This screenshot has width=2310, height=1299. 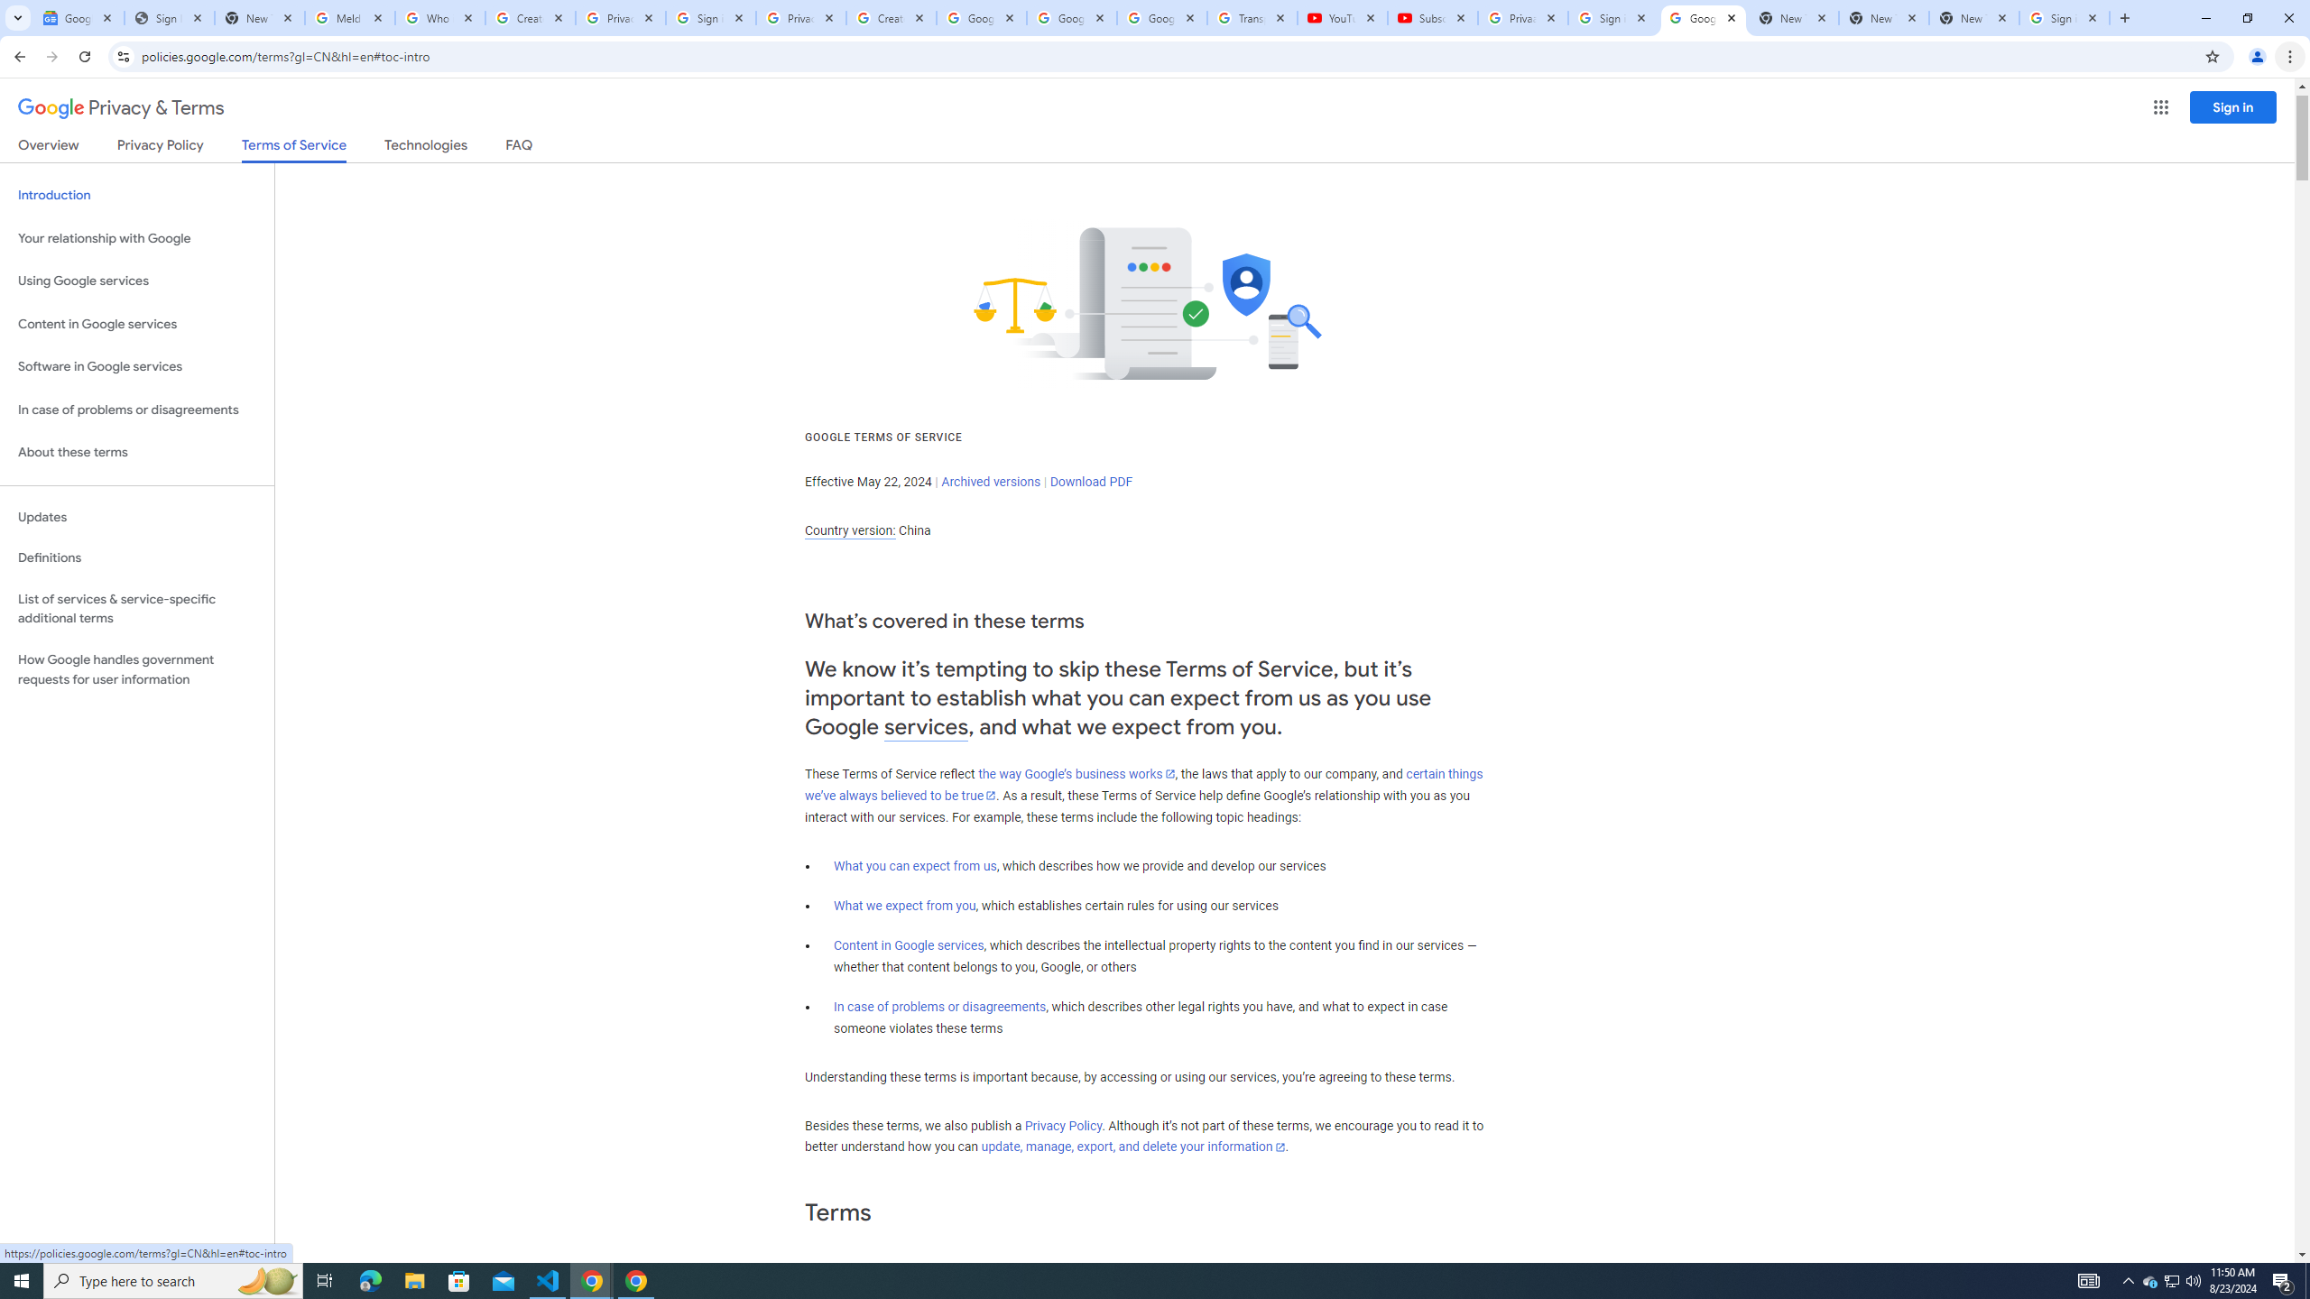 I want to click on 'About these terms', so click(x=136, y=452).